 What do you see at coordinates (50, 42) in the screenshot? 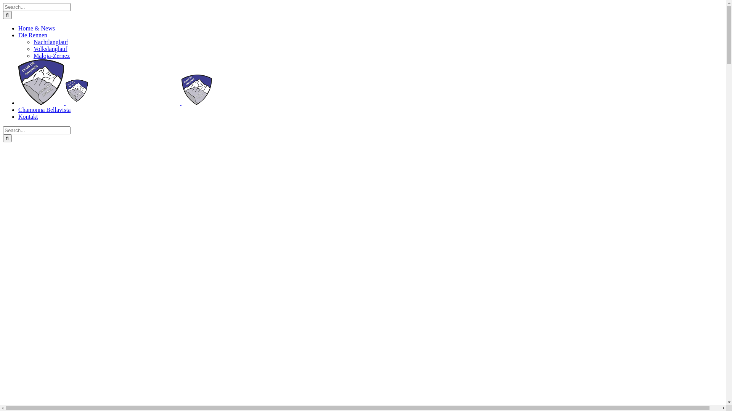
I see `'Nachtlanglauf'` at bounding box center [50, 42].